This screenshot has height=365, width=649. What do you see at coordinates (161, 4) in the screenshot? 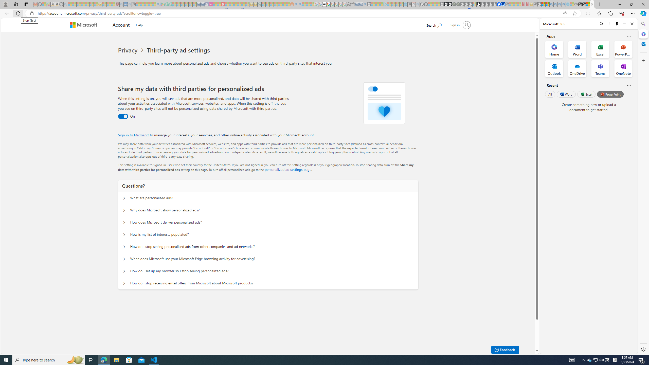
I see `'Bluey: Let'` at bounding box center [161, 4].